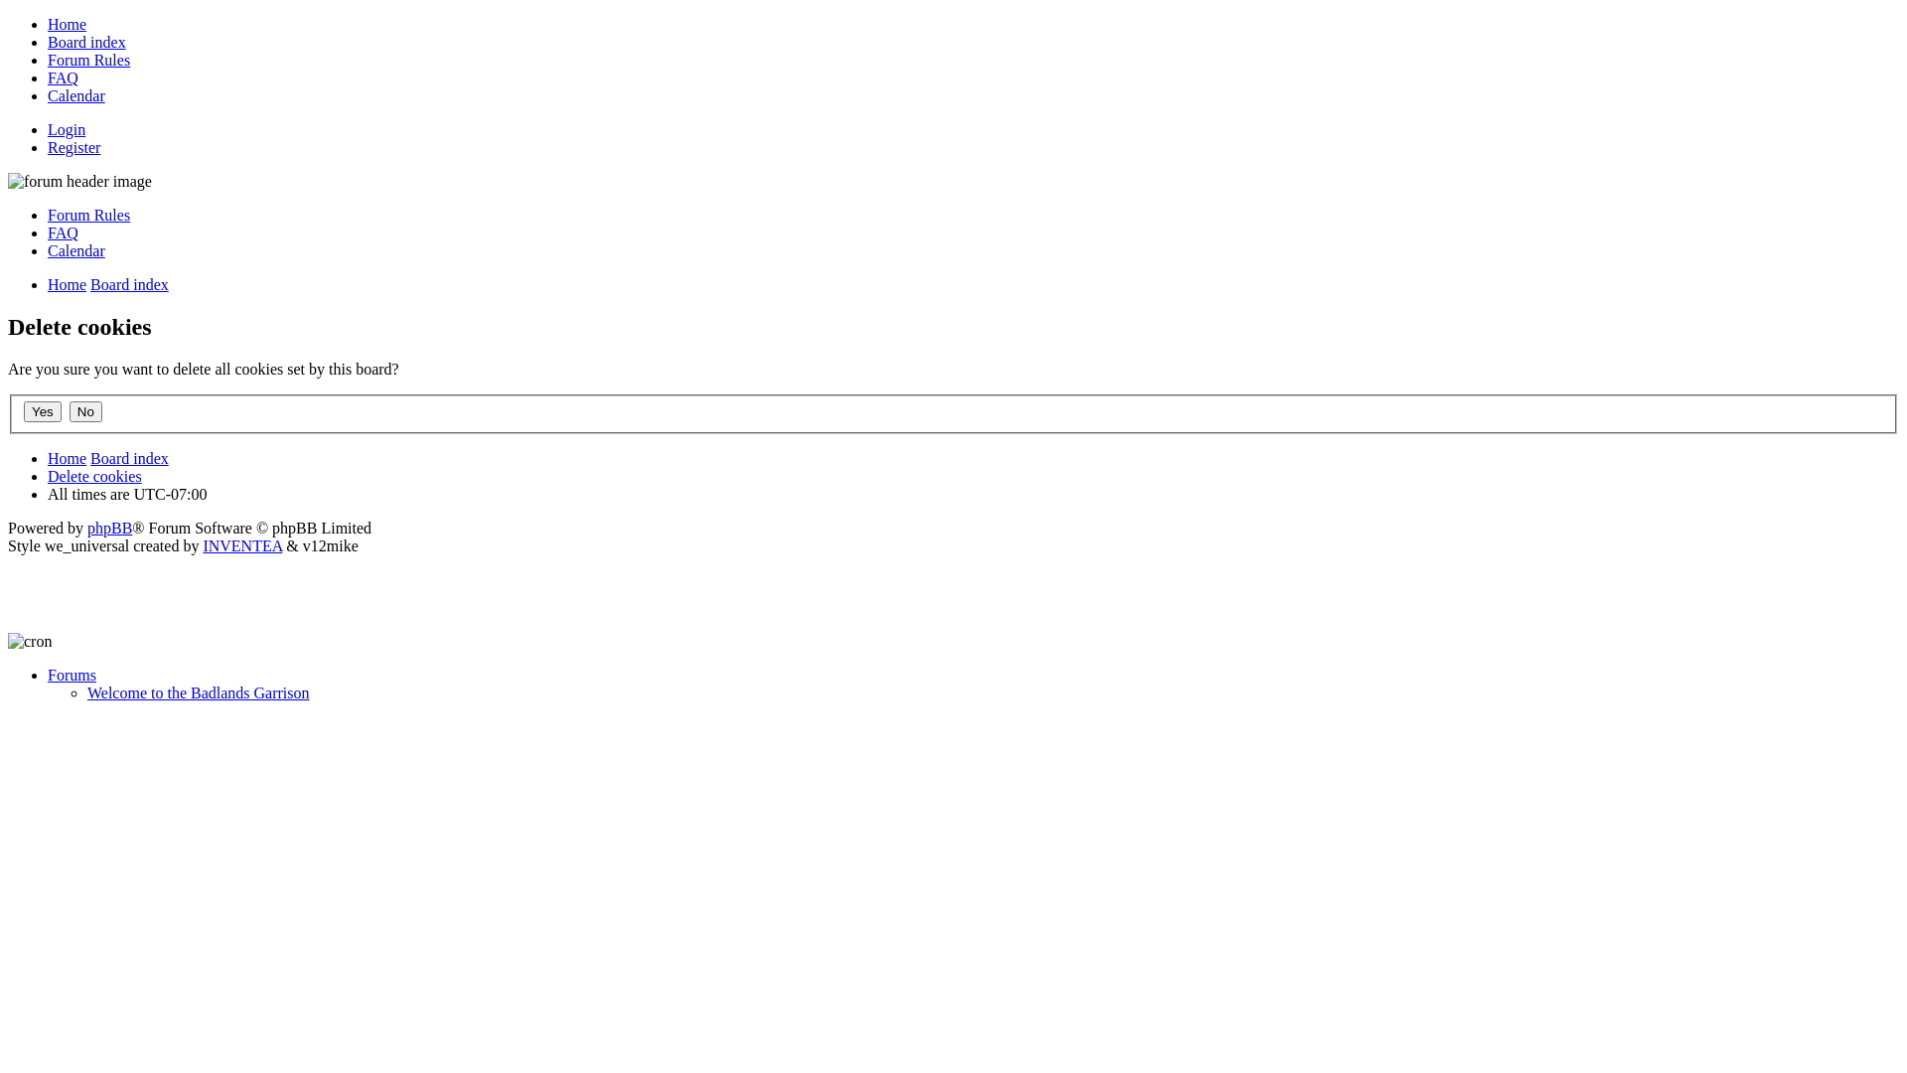 Image resolution: width=1907 pixels, height=1073 pixels. What do you see at coordinates (241, 545) in the screenshot?
I see `'INVENTEA'` at bounding box center [241, 545].